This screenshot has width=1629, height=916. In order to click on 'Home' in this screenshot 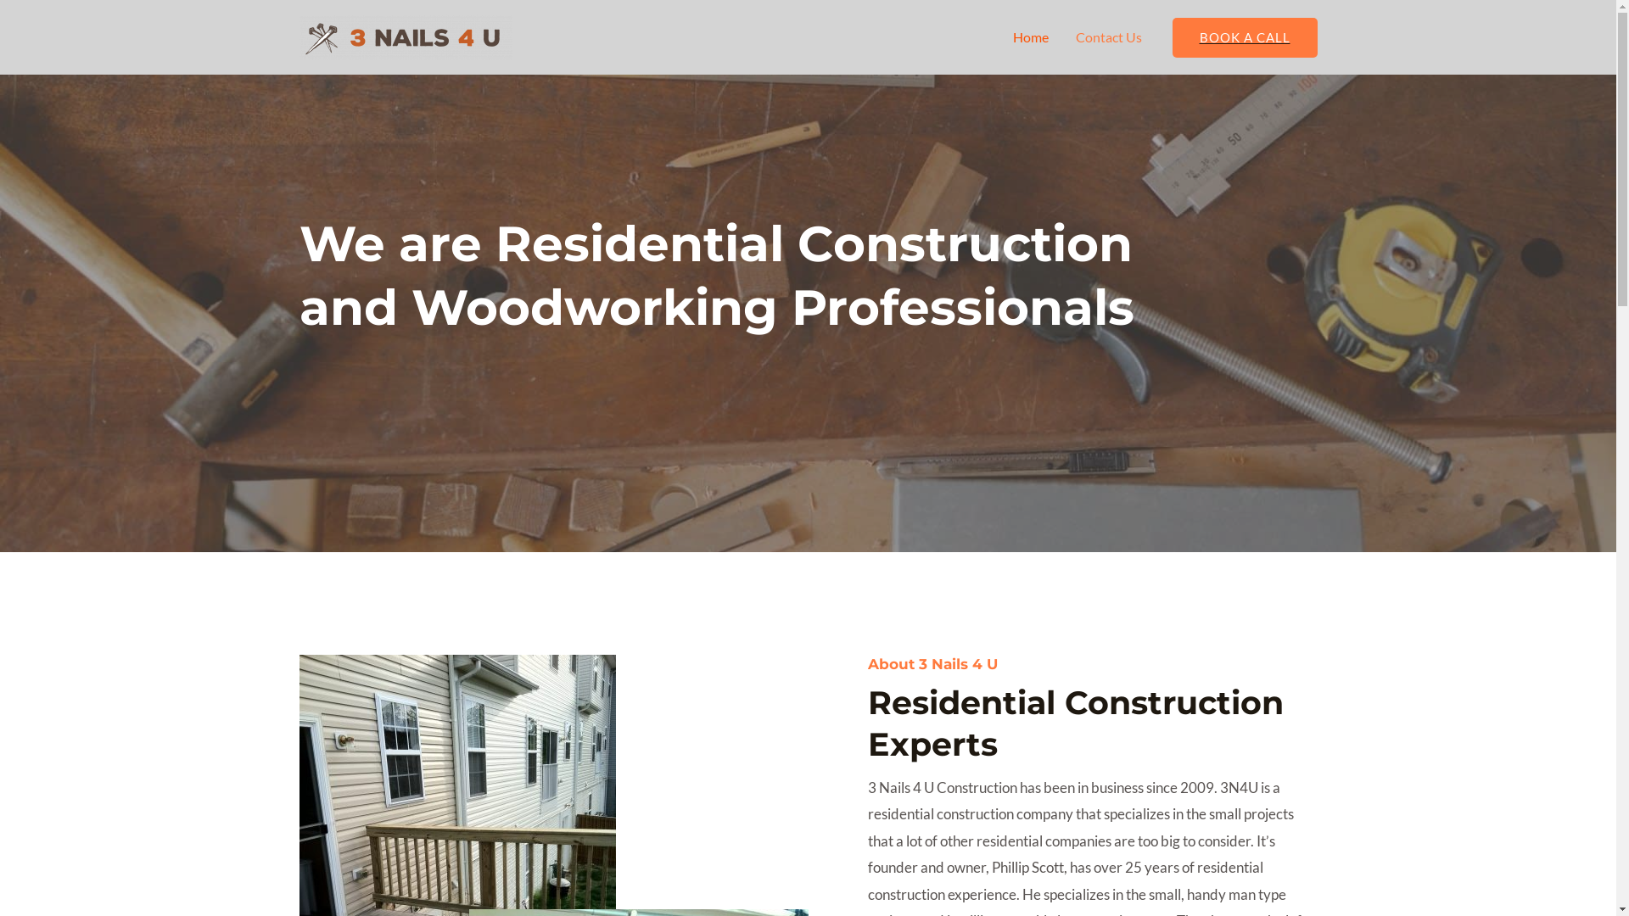, I will do `click(1029, 36)`.